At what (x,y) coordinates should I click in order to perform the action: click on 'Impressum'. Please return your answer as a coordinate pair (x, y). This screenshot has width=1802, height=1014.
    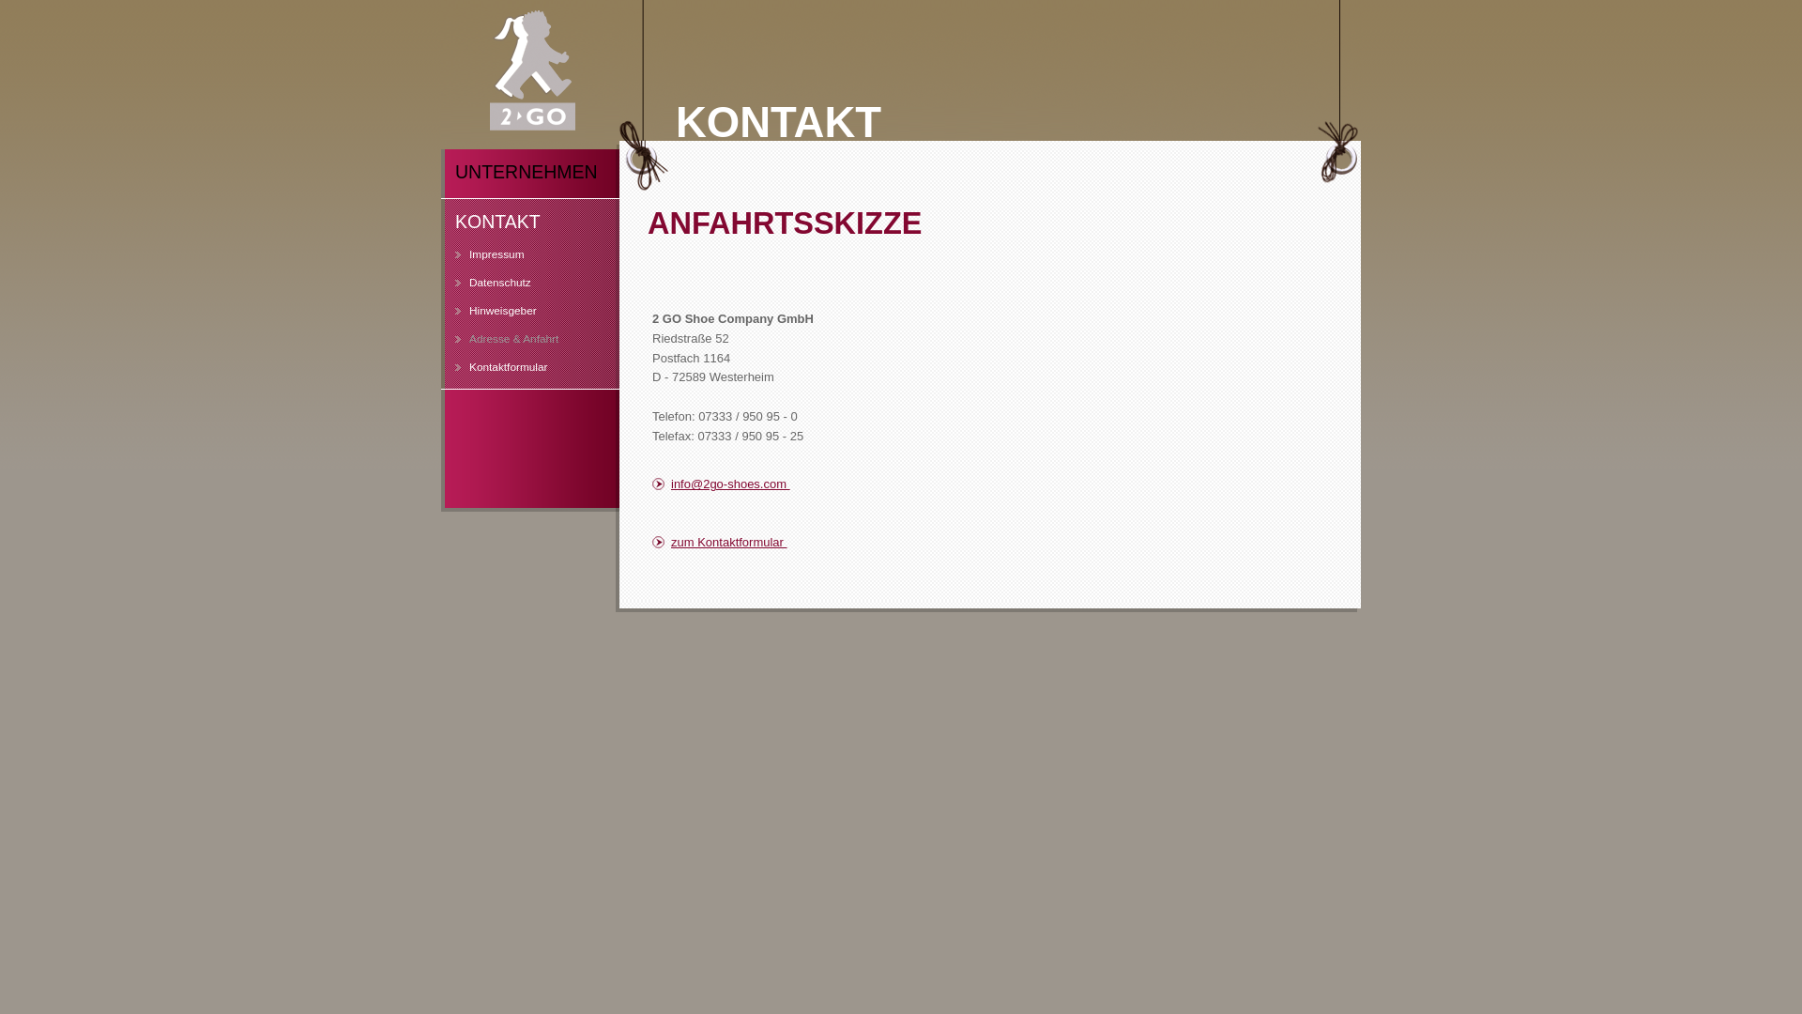
    Looking at the image, I should click on (440, 261).